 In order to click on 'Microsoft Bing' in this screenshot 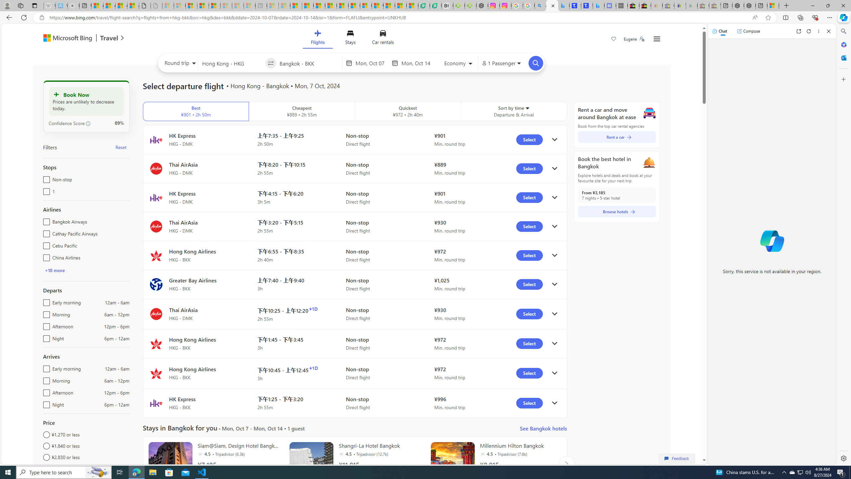, I will do `click(64, 38)`.